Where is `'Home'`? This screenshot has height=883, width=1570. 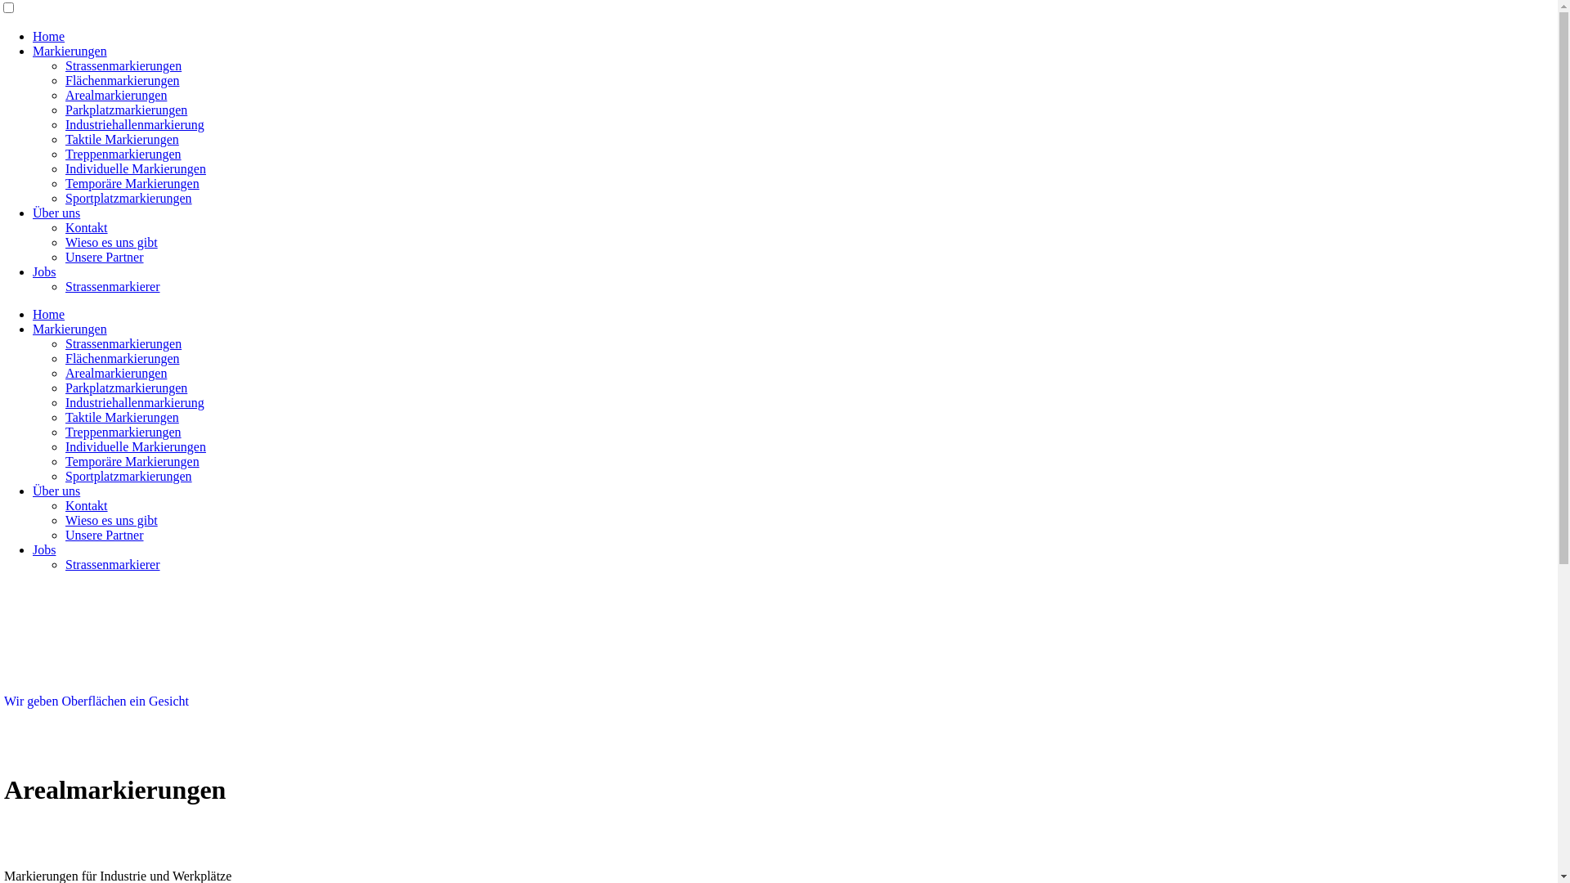
'Home' is located at coordinates (48, 36).